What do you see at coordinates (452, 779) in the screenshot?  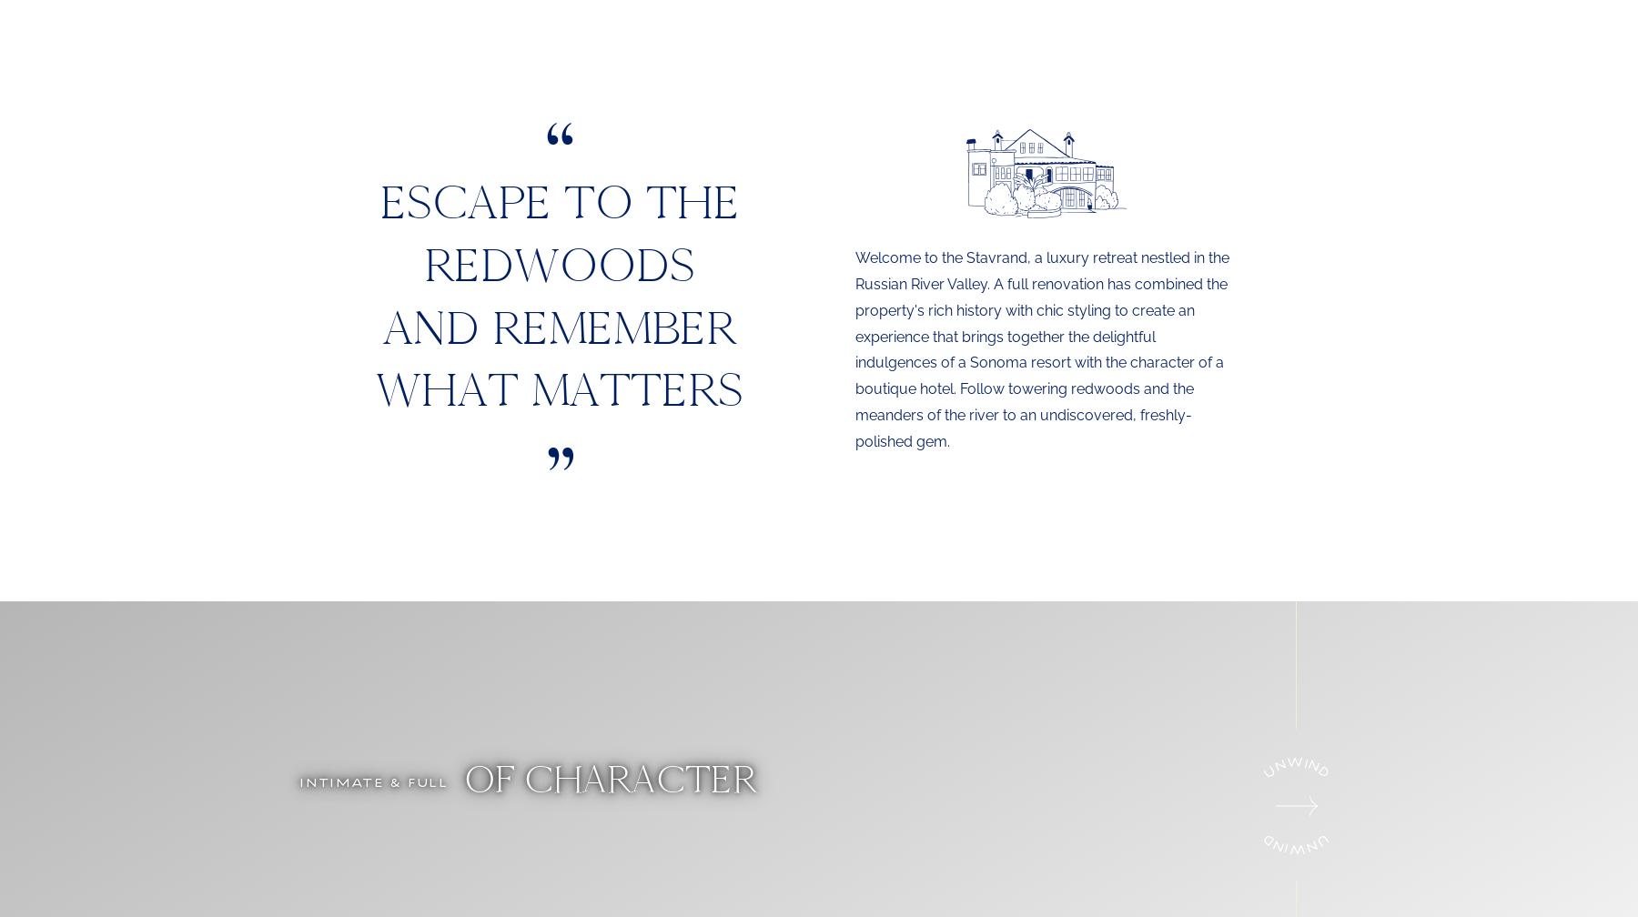 I see `'Of Character'` at bounding box center [452, 779].